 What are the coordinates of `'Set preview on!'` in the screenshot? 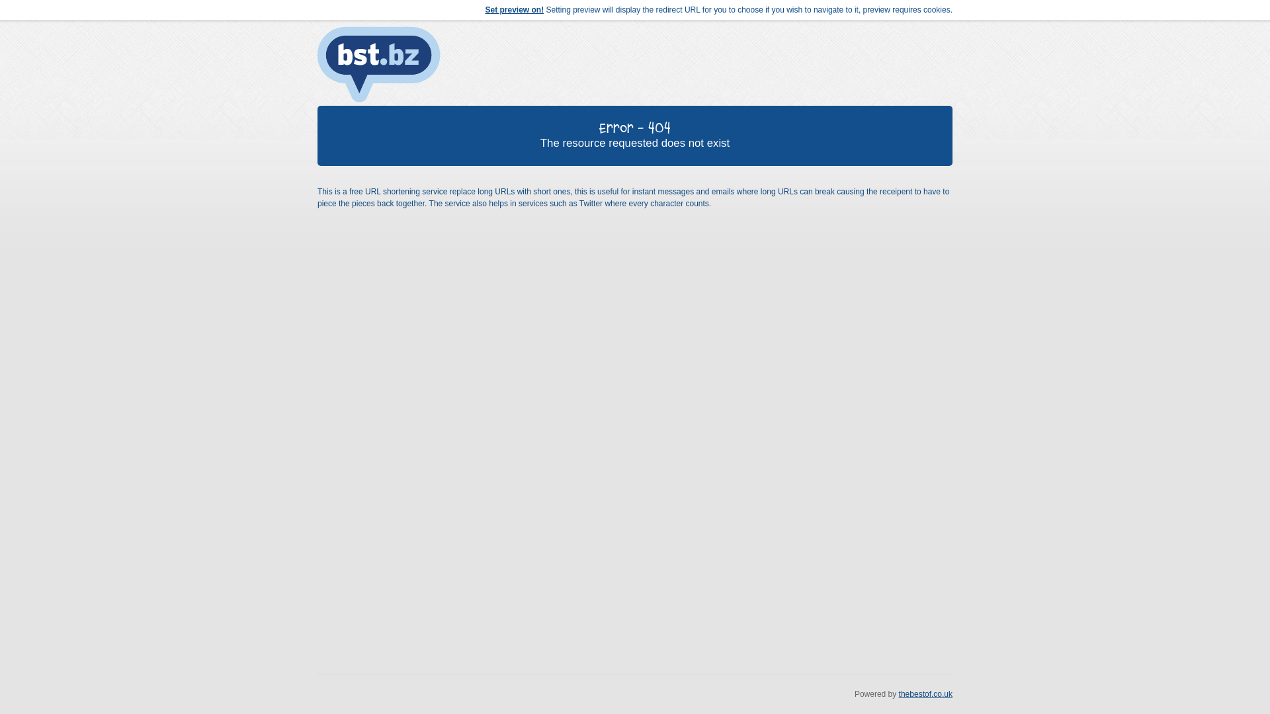 It's located at (513, 10).